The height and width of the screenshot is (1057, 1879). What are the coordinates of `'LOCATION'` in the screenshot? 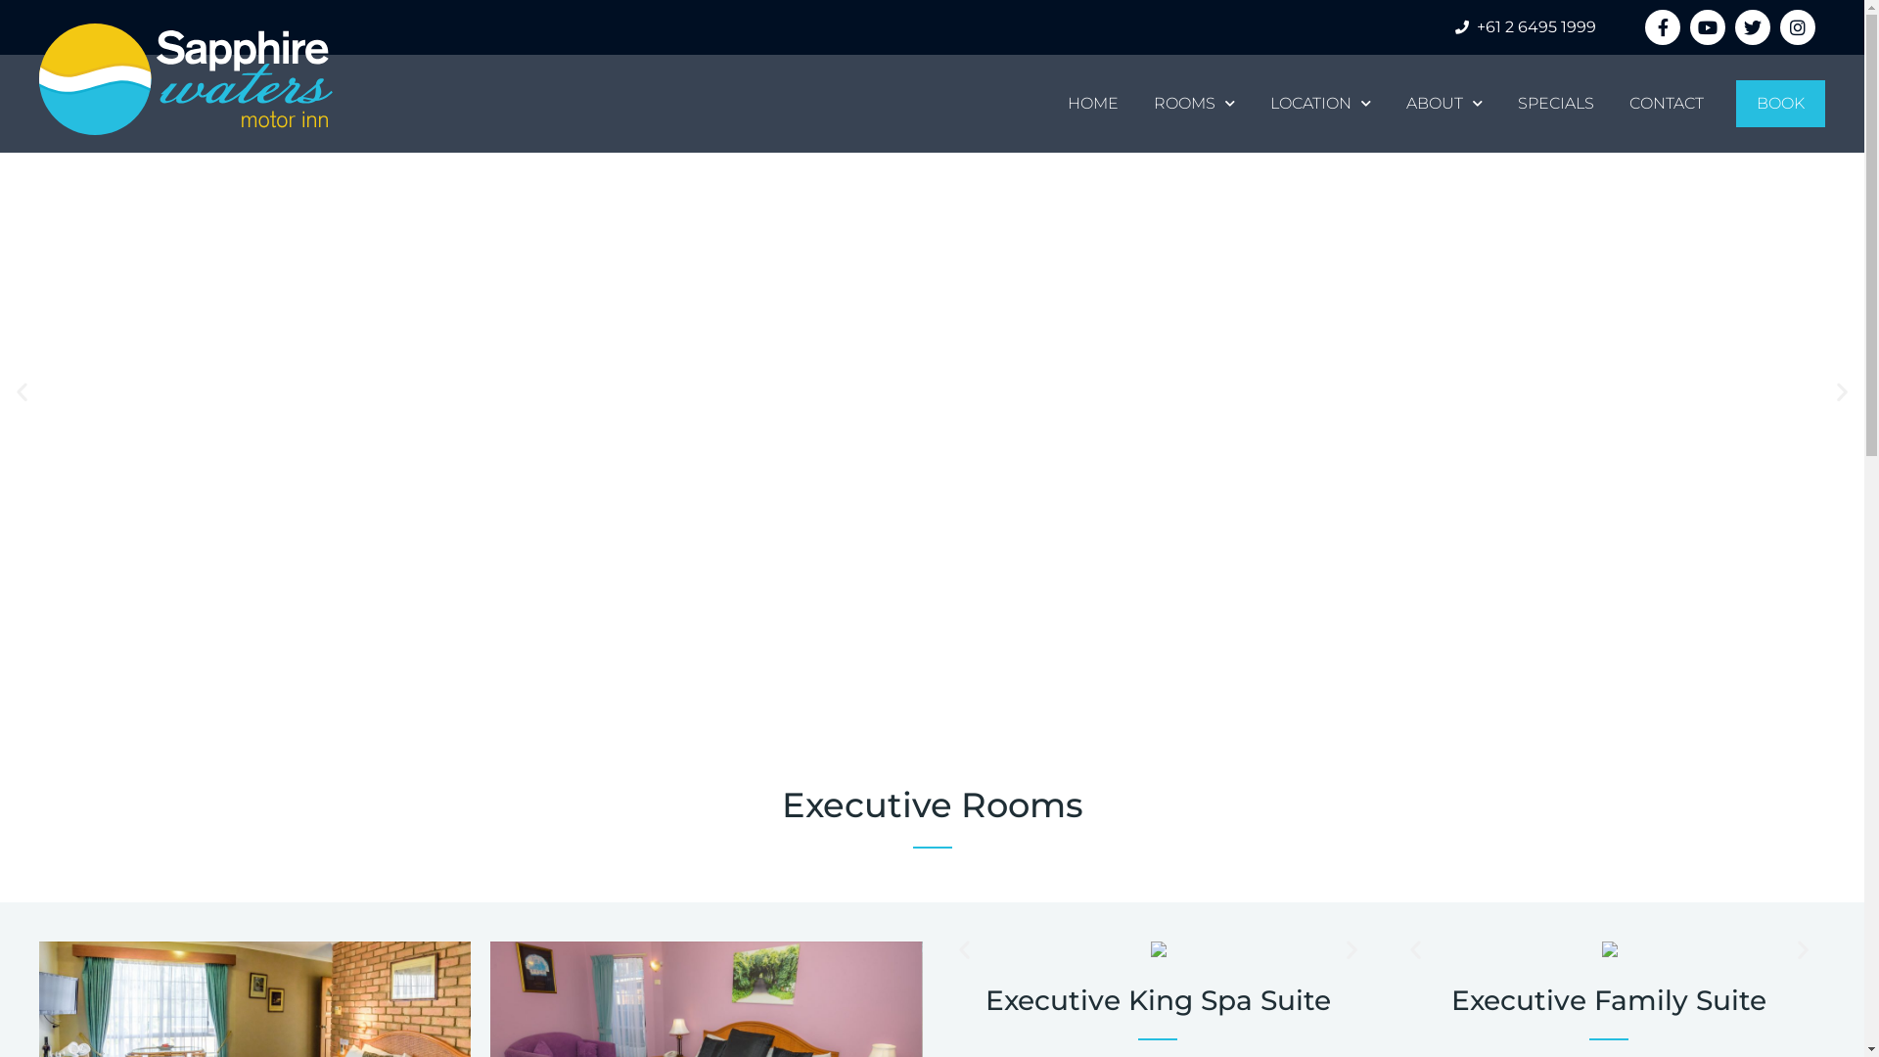 It's located at (1320, 103).